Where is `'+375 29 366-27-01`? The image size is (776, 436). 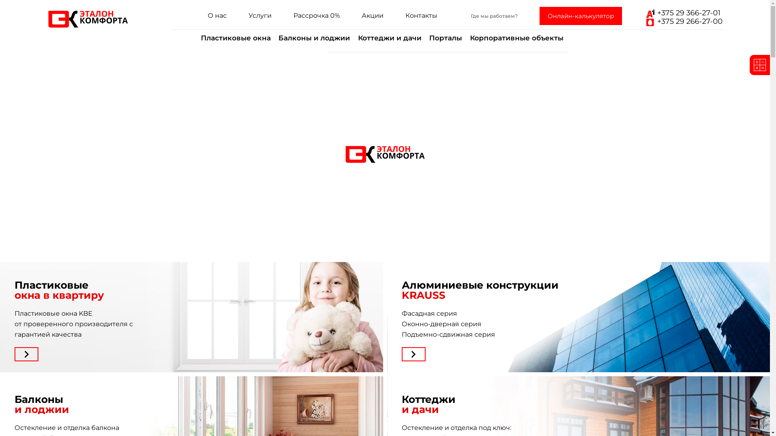 '+375 29 366-27-01 is located at coordinates (682, 17).